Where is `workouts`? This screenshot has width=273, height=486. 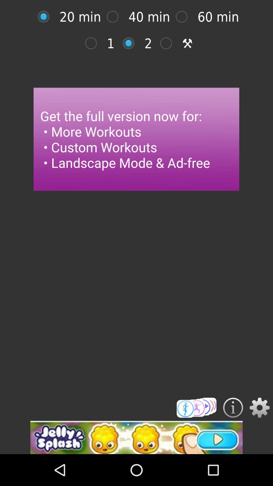 workouts is located at coordinates (196, 408).